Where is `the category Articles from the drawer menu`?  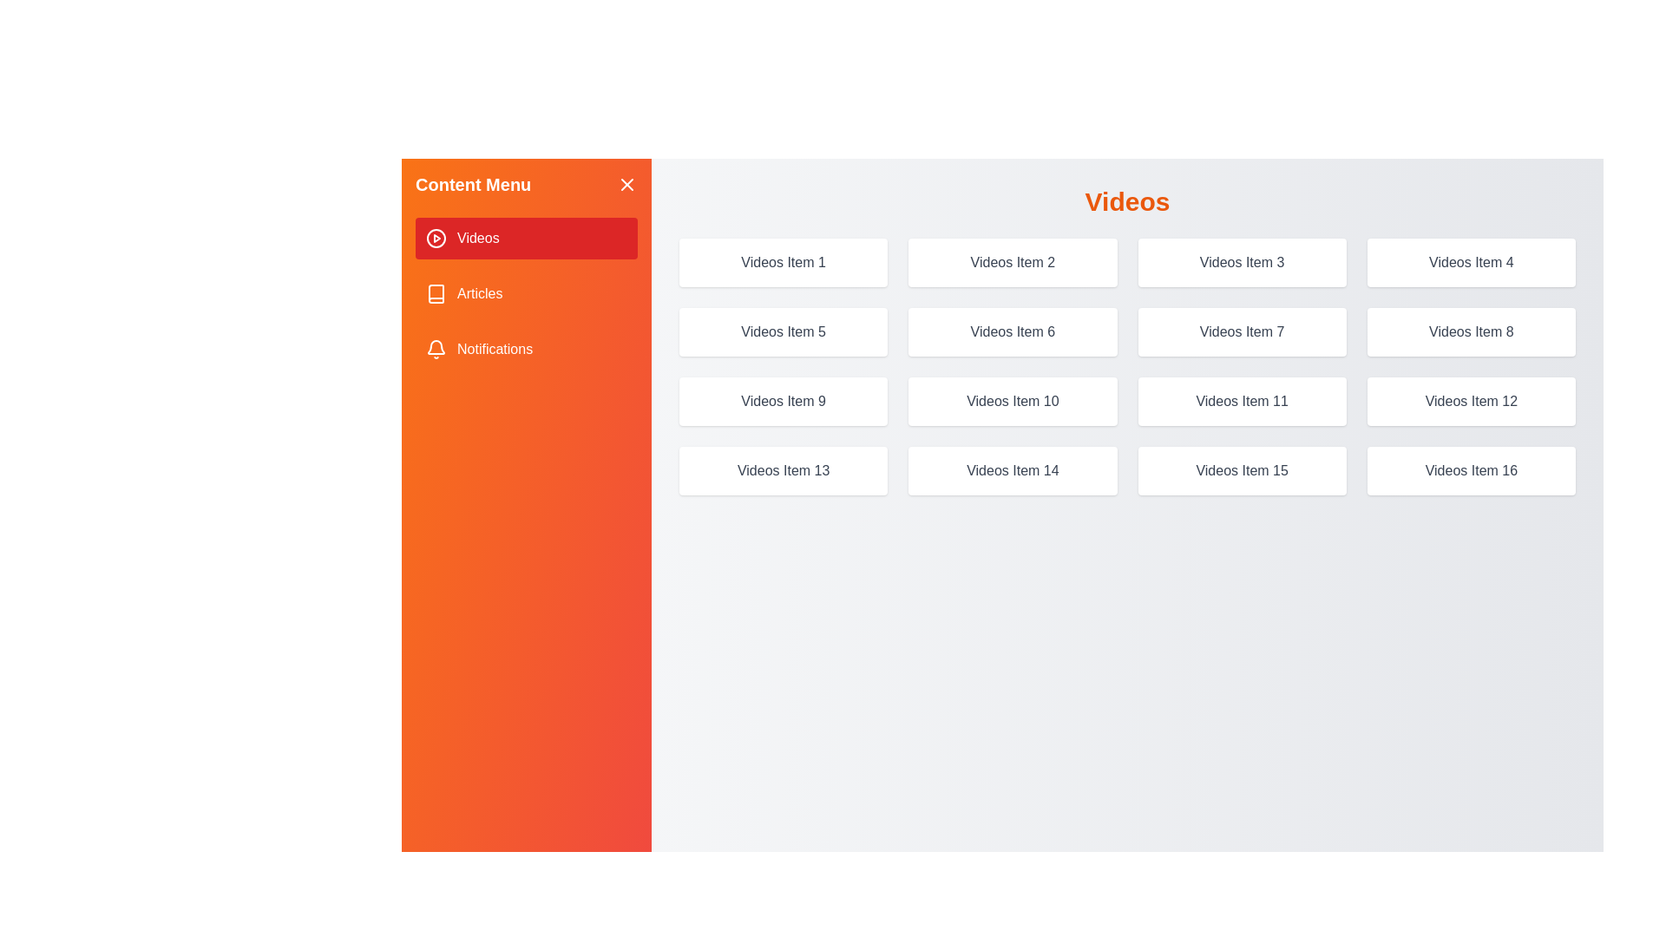 the category Articles from the drawer menu is located at coordinates (525, 293).